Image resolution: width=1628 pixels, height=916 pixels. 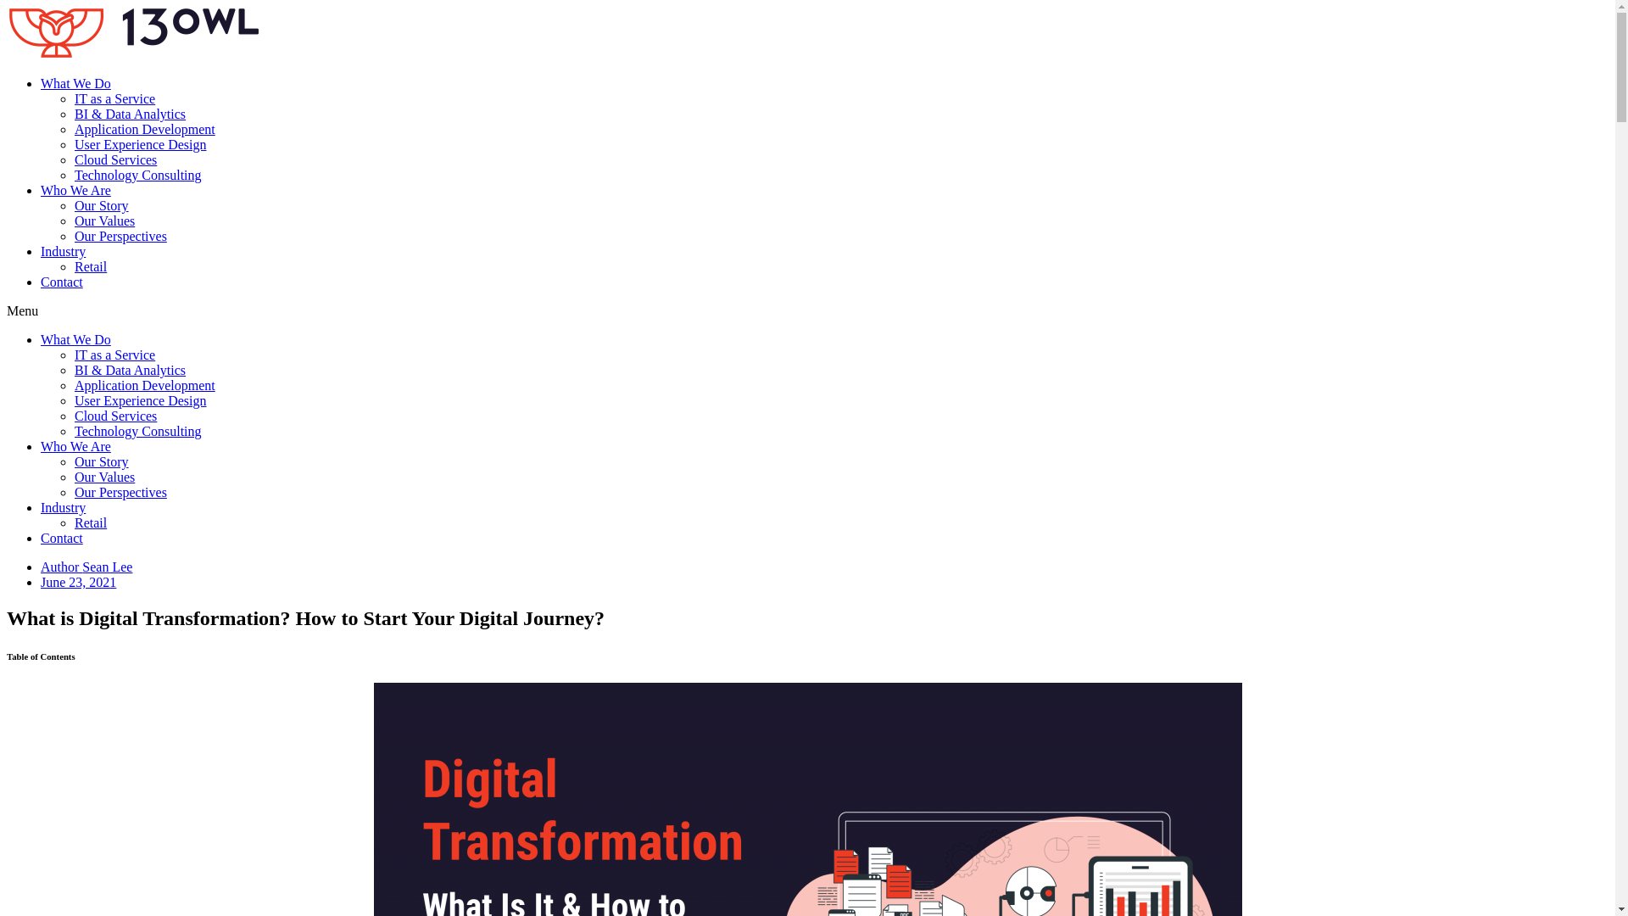 I want to click on 'Our Perspectives', so click(x=120, y=492).